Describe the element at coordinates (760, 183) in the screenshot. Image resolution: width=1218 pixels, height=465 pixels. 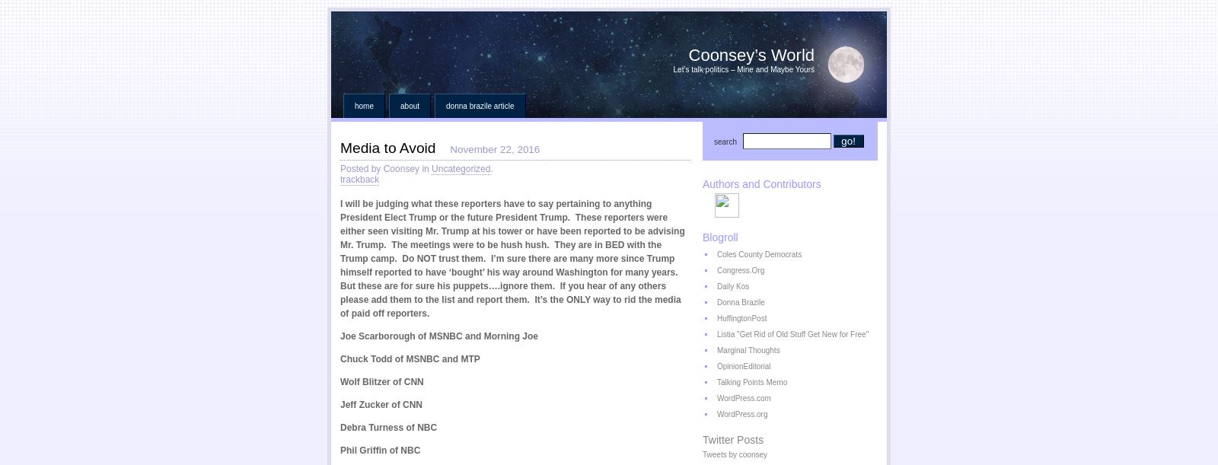
I see `'Authors and Contributors'` at that location.